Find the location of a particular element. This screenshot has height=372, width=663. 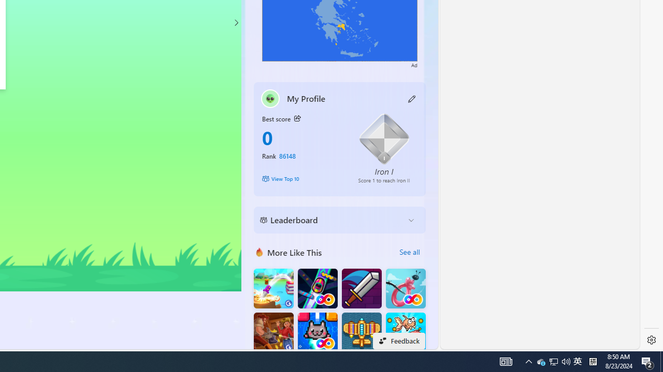

'Kitten Force FRVR' is located at coordinates (317, 332).